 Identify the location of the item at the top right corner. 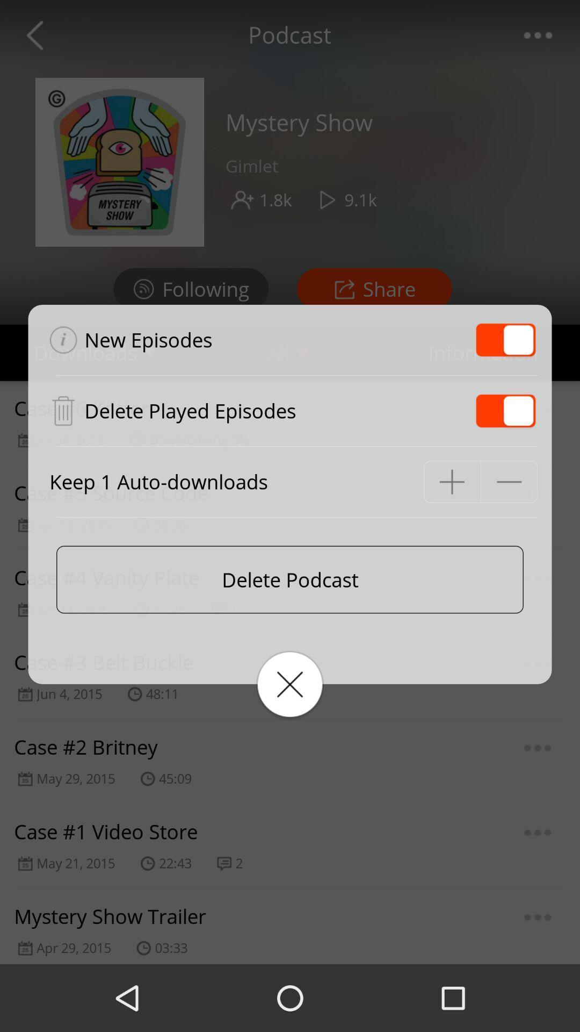
(505, 339).